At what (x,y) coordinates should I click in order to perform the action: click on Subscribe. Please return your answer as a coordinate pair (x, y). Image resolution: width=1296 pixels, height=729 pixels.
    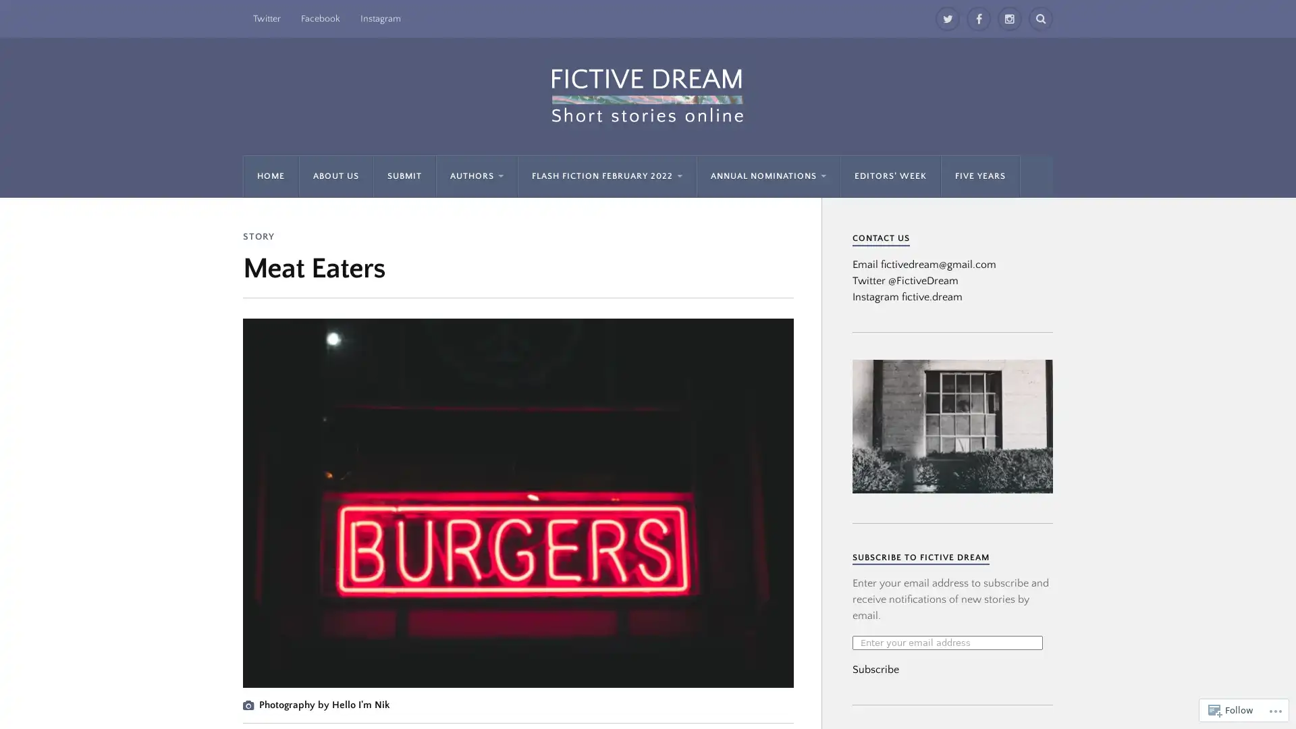
    Looking at the image, I should click on (875, 669).